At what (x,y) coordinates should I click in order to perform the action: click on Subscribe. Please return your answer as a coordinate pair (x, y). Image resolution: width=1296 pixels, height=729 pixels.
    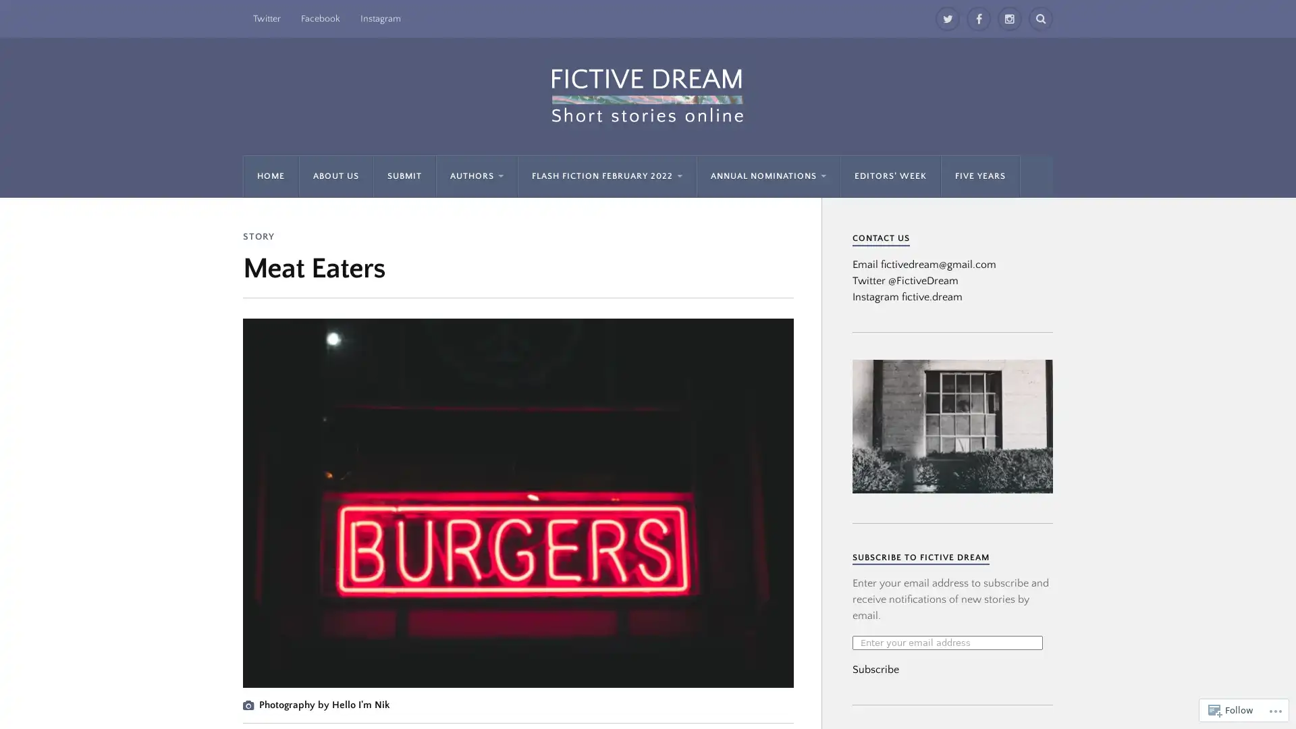
    Looking at the image, I should click on (875, 669).